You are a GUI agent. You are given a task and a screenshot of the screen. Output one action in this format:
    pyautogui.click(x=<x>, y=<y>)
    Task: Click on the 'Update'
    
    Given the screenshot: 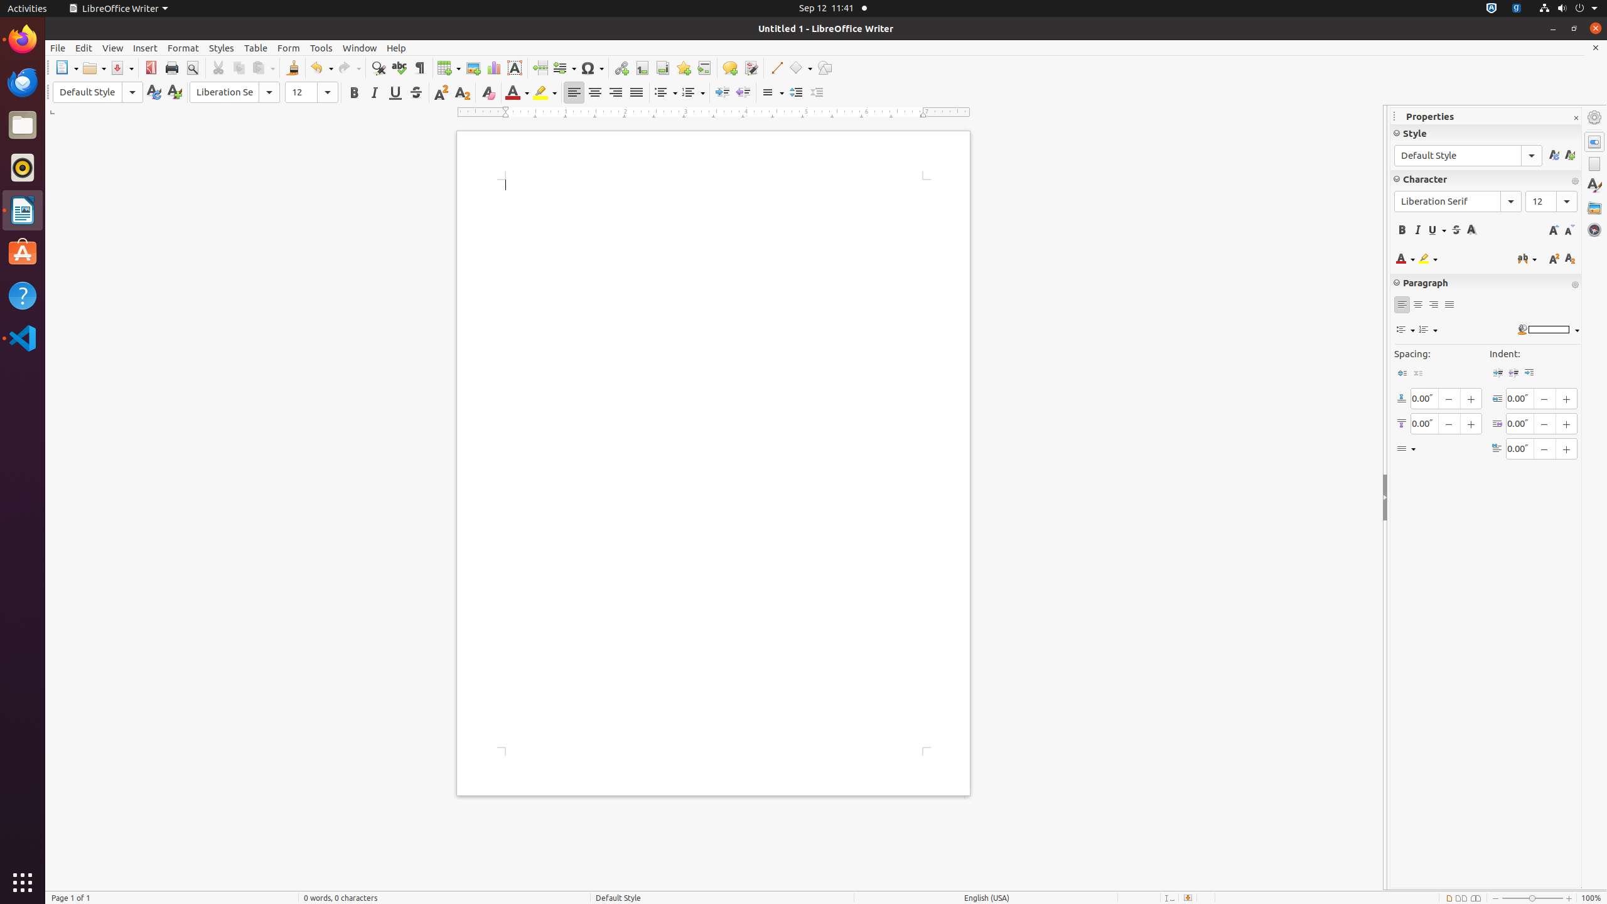 What is the action you would take?
    pyautogui.click(x=153, y=92)
    